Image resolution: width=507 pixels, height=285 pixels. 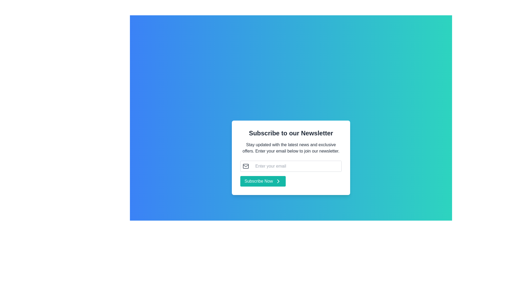 What do you see at coordinates (278, 181) in the screenshot?
I see `the right-facing chevron icon, which is part of the 'Subscribe Now' button, located to the right of the button text` at bounding box center [278, 181].